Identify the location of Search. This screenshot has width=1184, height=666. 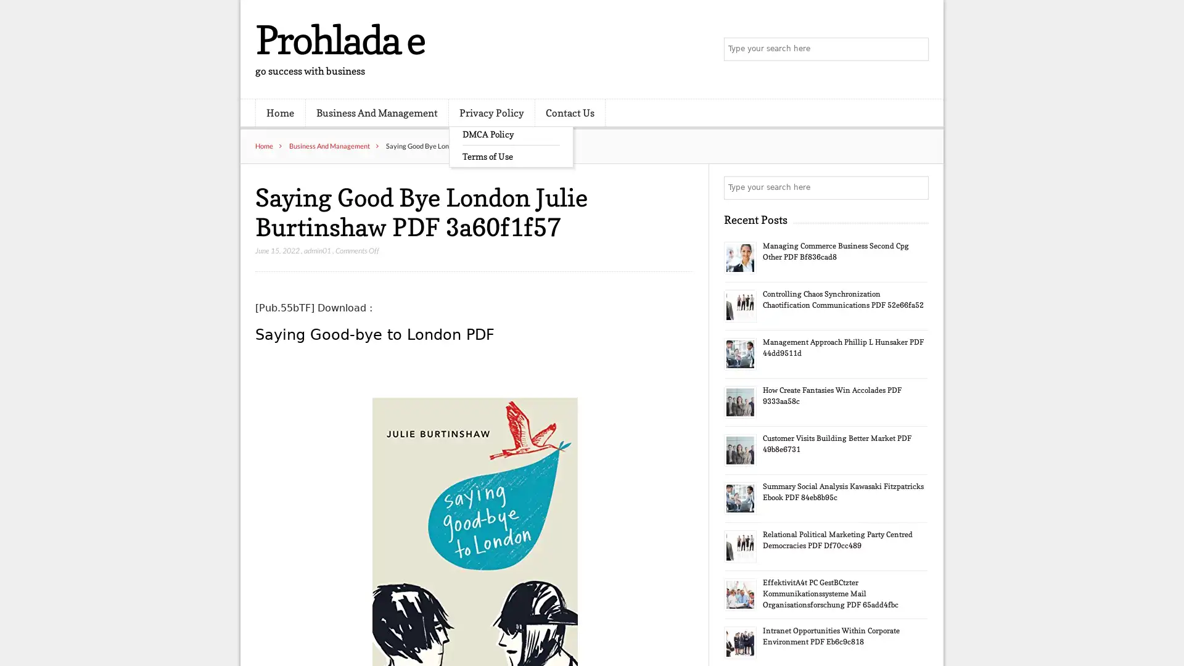
(916, 49).